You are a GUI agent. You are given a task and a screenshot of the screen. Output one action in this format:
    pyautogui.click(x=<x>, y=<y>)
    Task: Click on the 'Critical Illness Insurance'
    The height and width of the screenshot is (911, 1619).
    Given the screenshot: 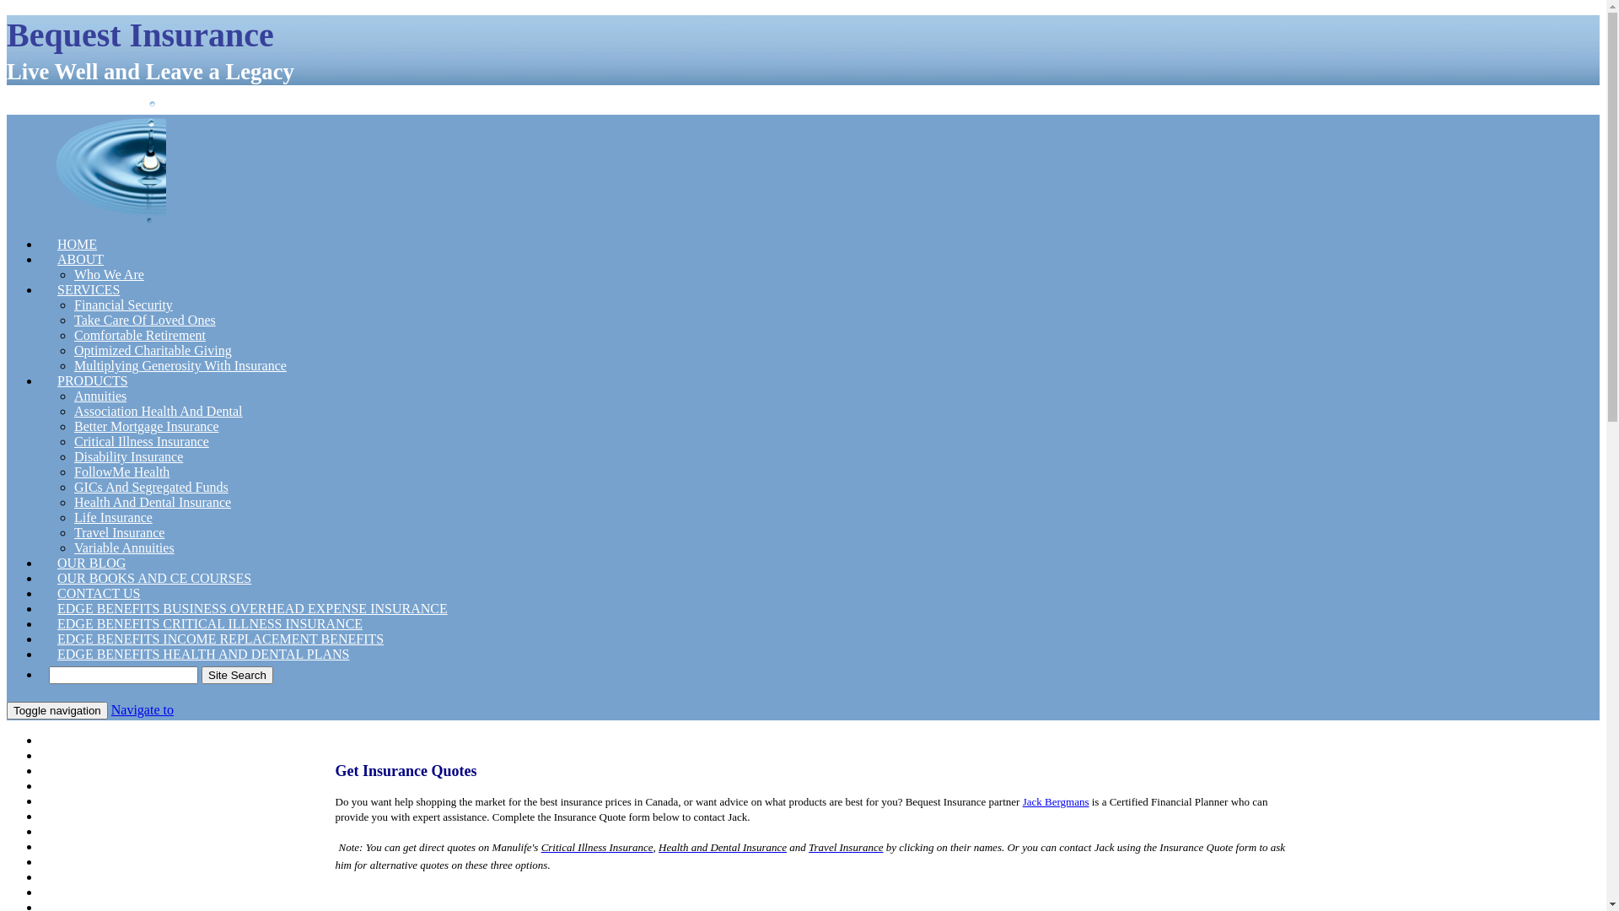 What is the action you would take?
    pyautogui.click(x=142, y=440)
    